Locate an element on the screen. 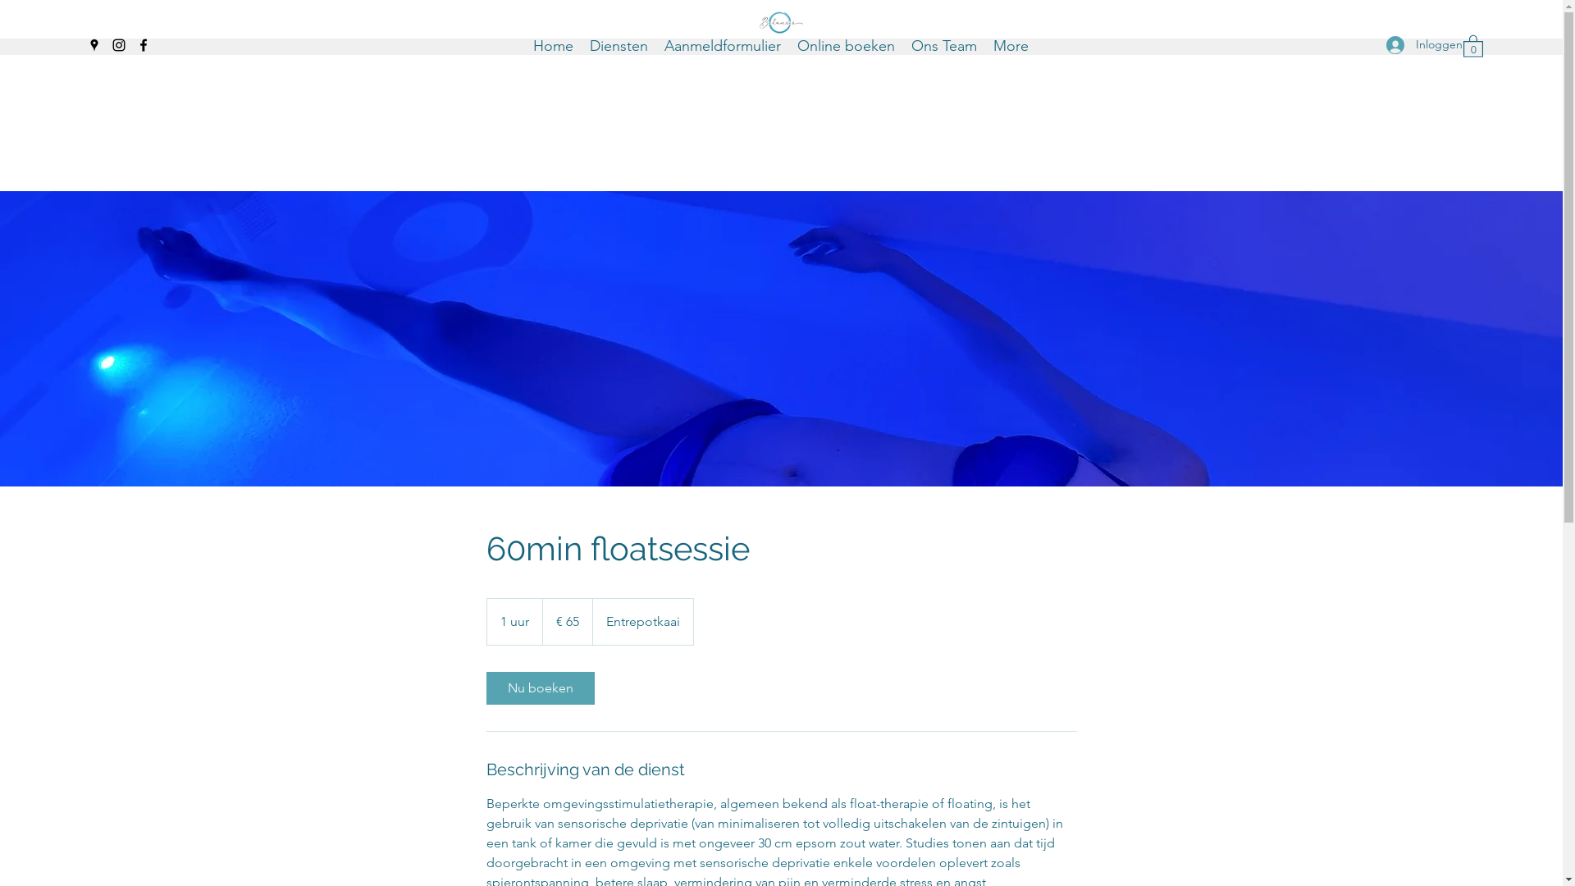  'Diensten' is located at coordinates (618, 43).